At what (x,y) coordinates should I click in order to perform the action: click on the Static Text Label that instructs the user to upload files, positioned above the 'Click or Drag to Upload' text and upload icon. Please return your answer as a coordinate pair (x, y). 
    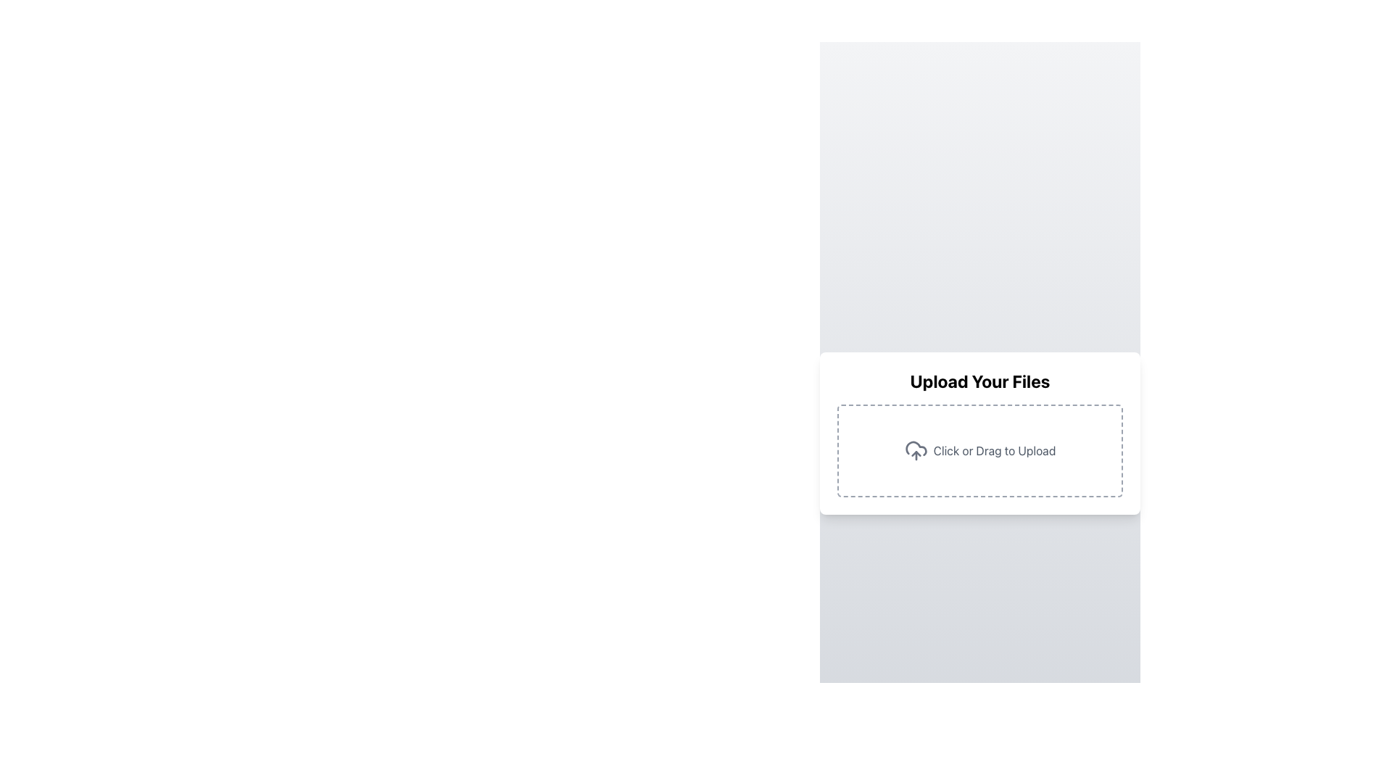
    Looking at the image, I should click on (980, 380).